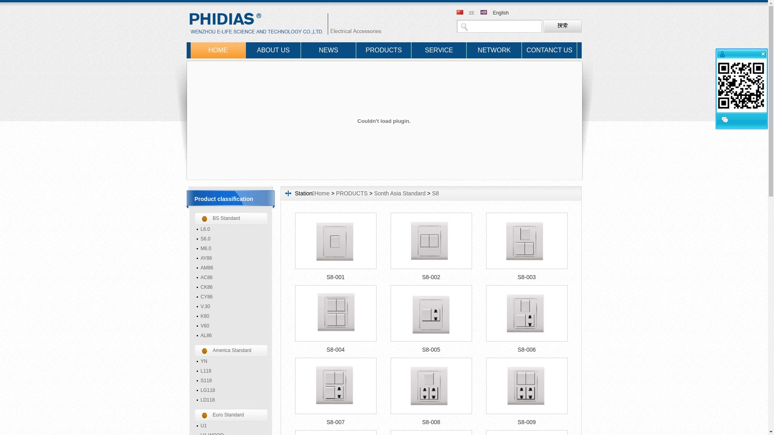 The height and width of the screenshot is (435, 774). Describe the element at coordinates (335, 422) in the screenshot. I see `'S8-007'` at that location.